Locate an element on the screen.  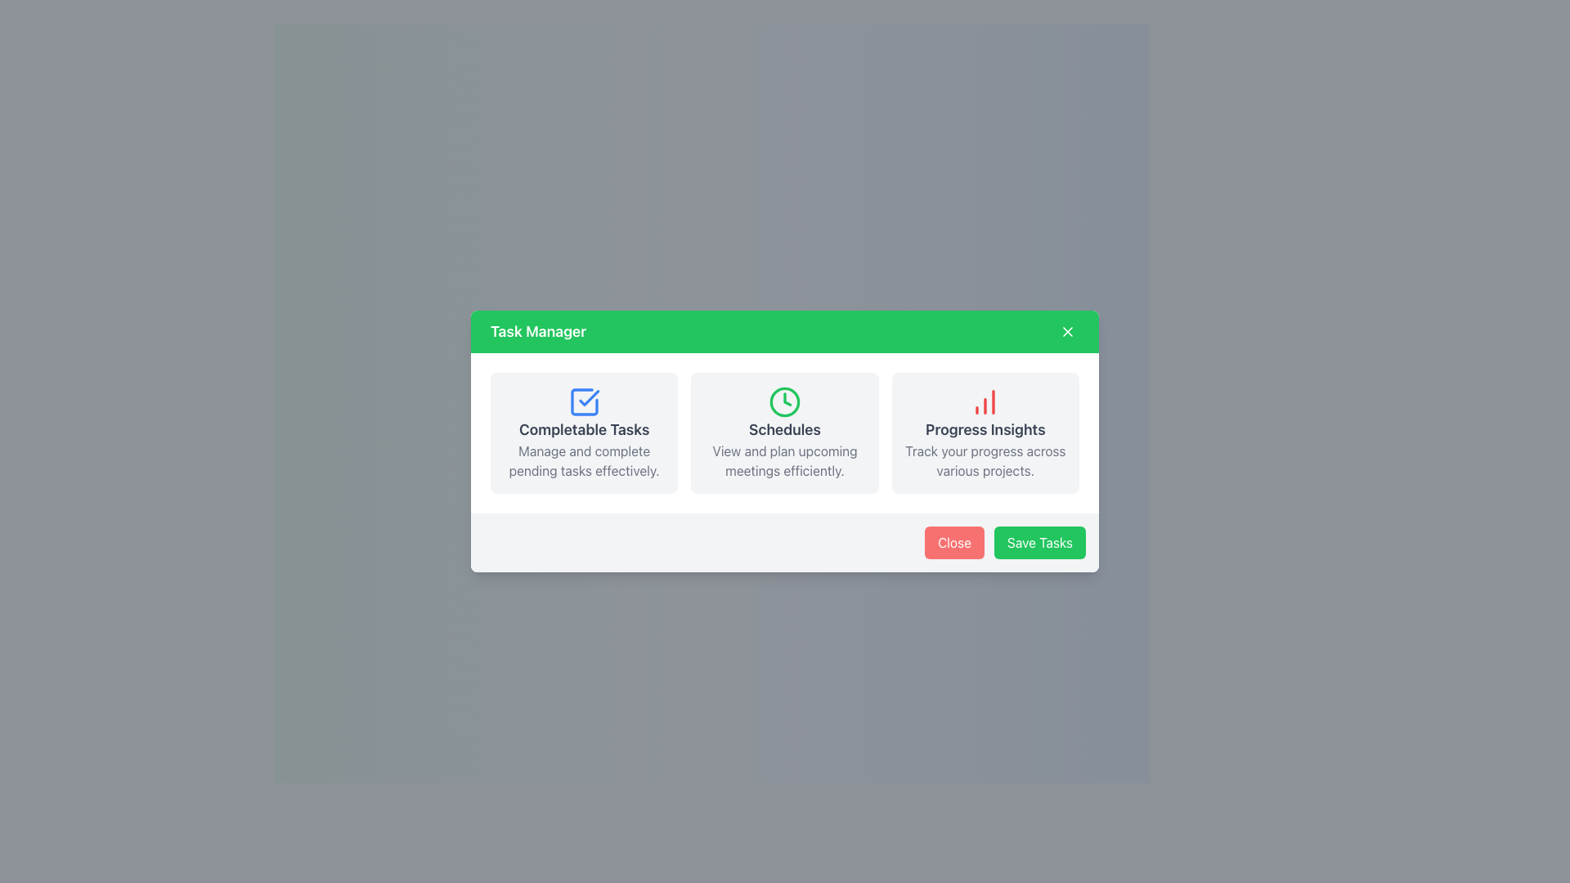
the 'Task Manager' text label, which is displayed in bold, large white font within a bright green header bar at the top of the interface is located at coordinates (538, 331).